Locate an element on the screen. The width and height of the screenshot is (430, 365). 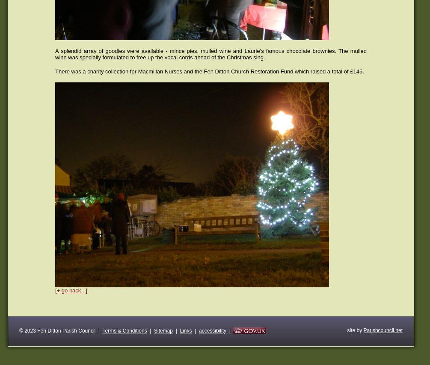
'Links' is located at coordinates (185, 330).